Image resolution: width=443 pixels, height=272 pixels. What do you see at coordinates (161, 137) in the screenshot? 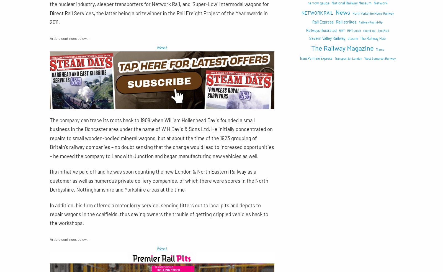
I see `'The company can trace its roots back to 1908 when William Hollenhead Davis founded a small business in the Doncaster area under the name of W H Davis & Sons Ltd. He initially concentrated on repairs to small wooden-bodied mineral wagons, but at about the time of the 1923 grouping of Britain’s railway companies – no doubt sensing that the change would lead to increased opportunities – he moved the company to Langwith Junction and began manufacturing new vehicles as well.'` at bounding box center [161, 137].